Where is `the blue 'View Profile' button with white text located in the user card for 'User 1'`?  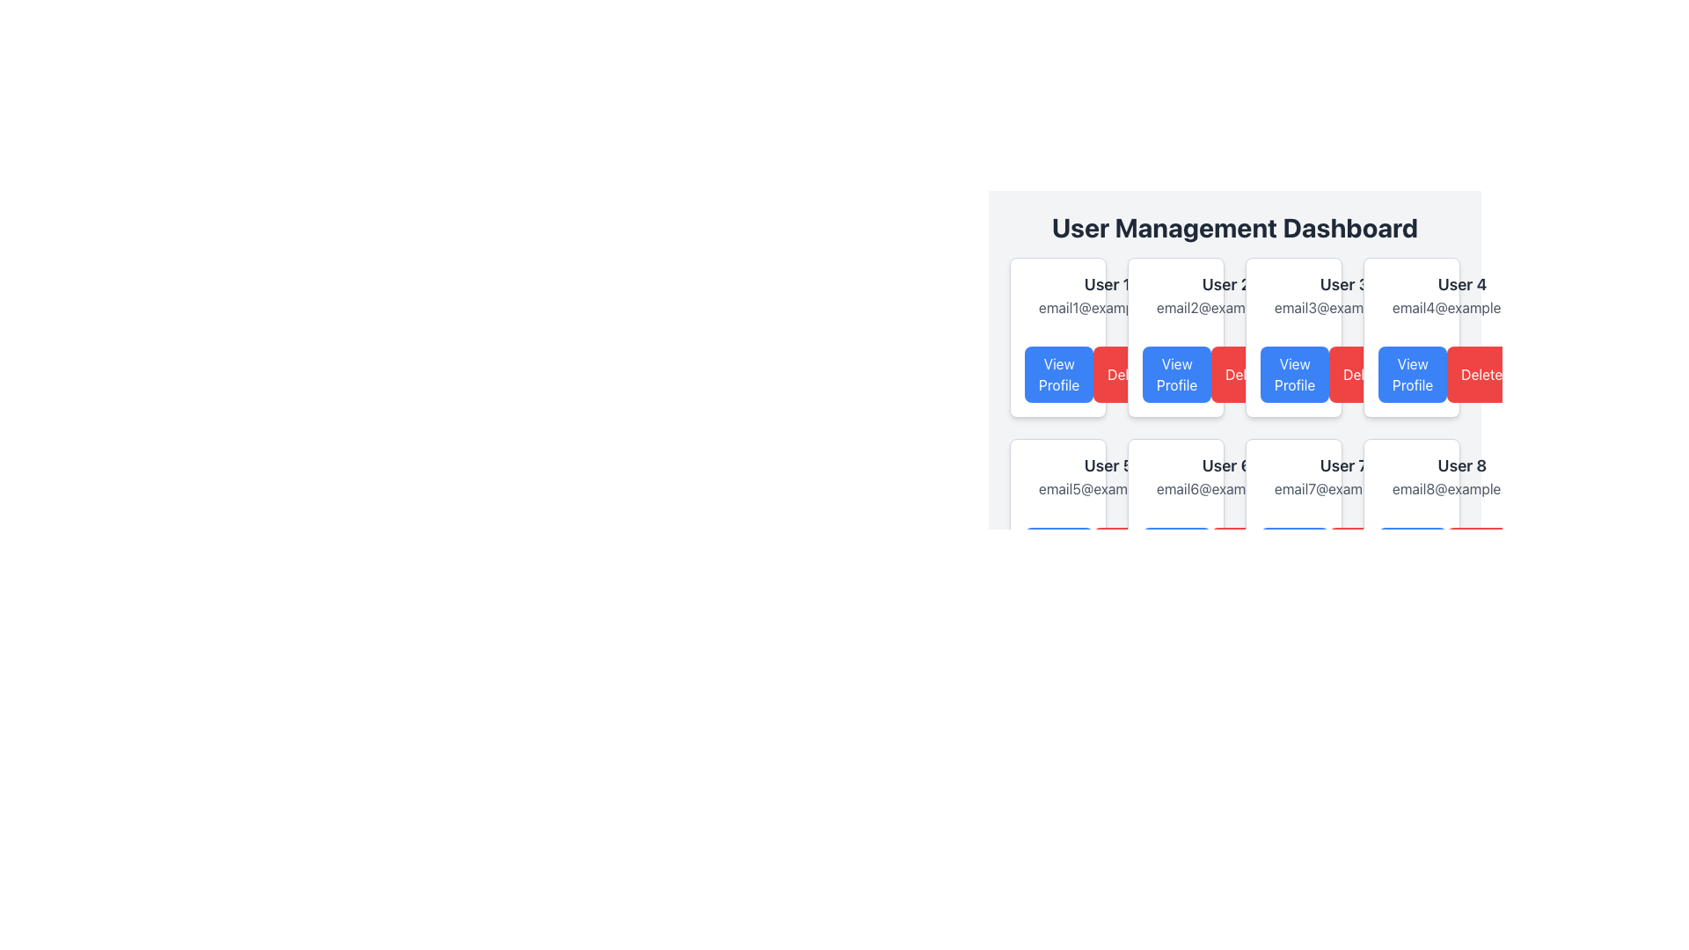 the blue 'View Profile' button with white text located in the user card for 'User 1' is located at coordinates (1057, 373).